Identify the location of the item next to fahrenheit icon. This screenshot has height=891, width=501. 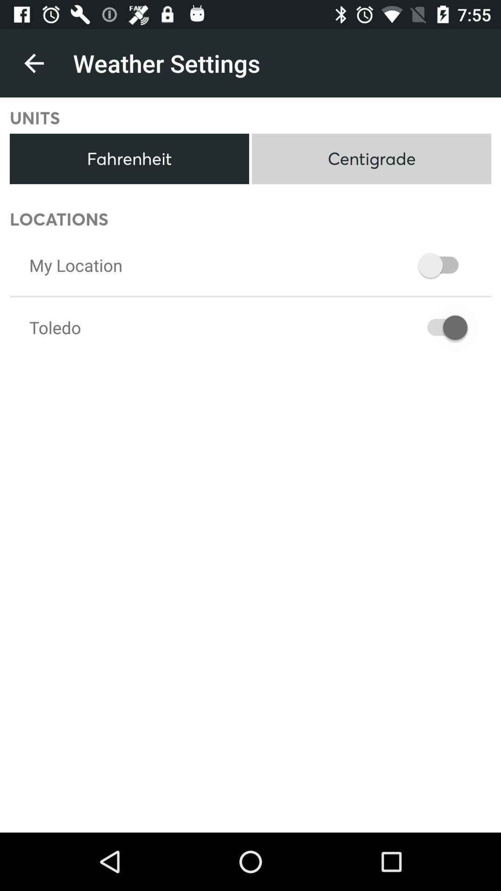
(371, 159).